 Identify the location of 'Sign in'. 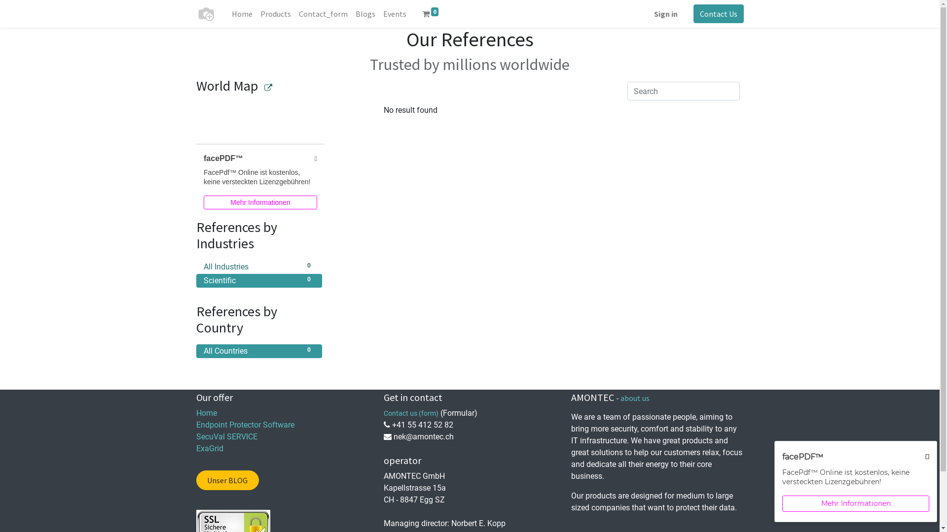
(665, 13).